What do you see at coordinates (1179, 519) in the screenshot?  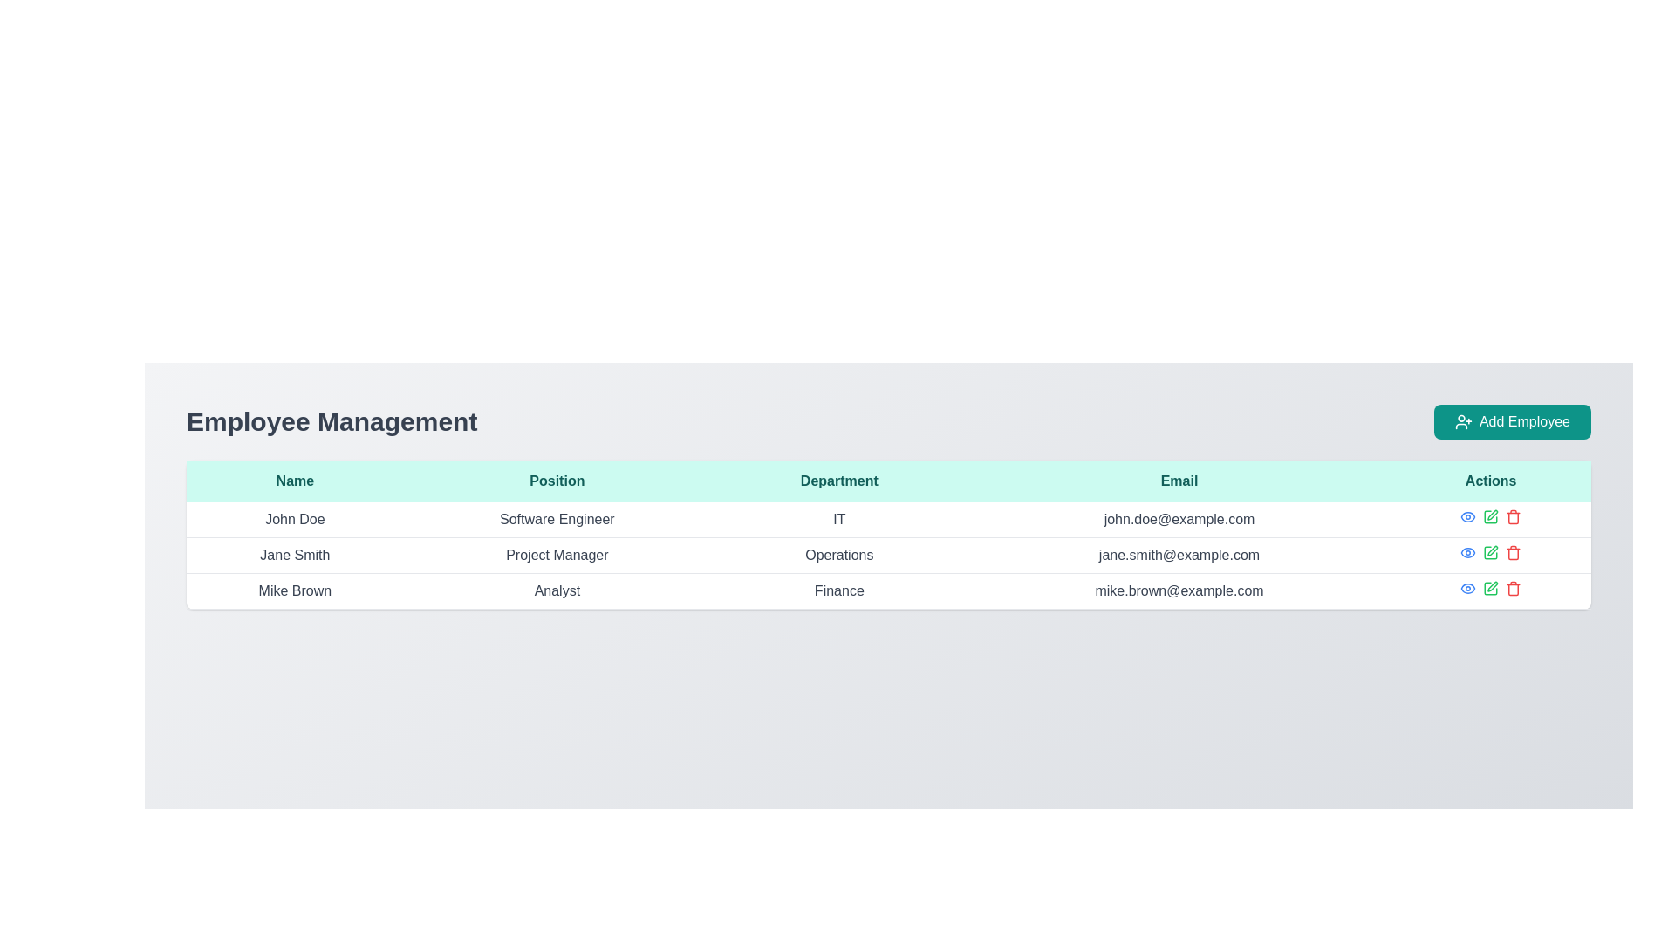 I see `the static text label displaying the email 'john.doe@example.com' located in the fourth column of the first data row under the 'Employee Management' section` at bounding box center [1179, 519].